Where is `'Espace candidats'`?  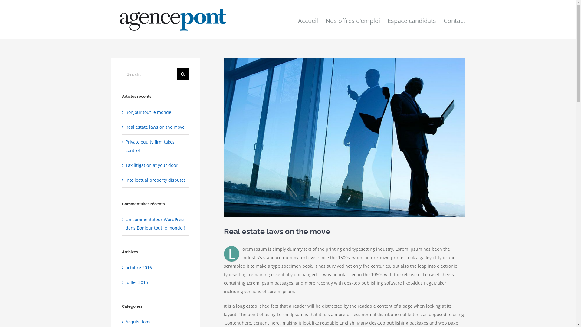 'Espace candidats' is located at coordinates (411, 19).